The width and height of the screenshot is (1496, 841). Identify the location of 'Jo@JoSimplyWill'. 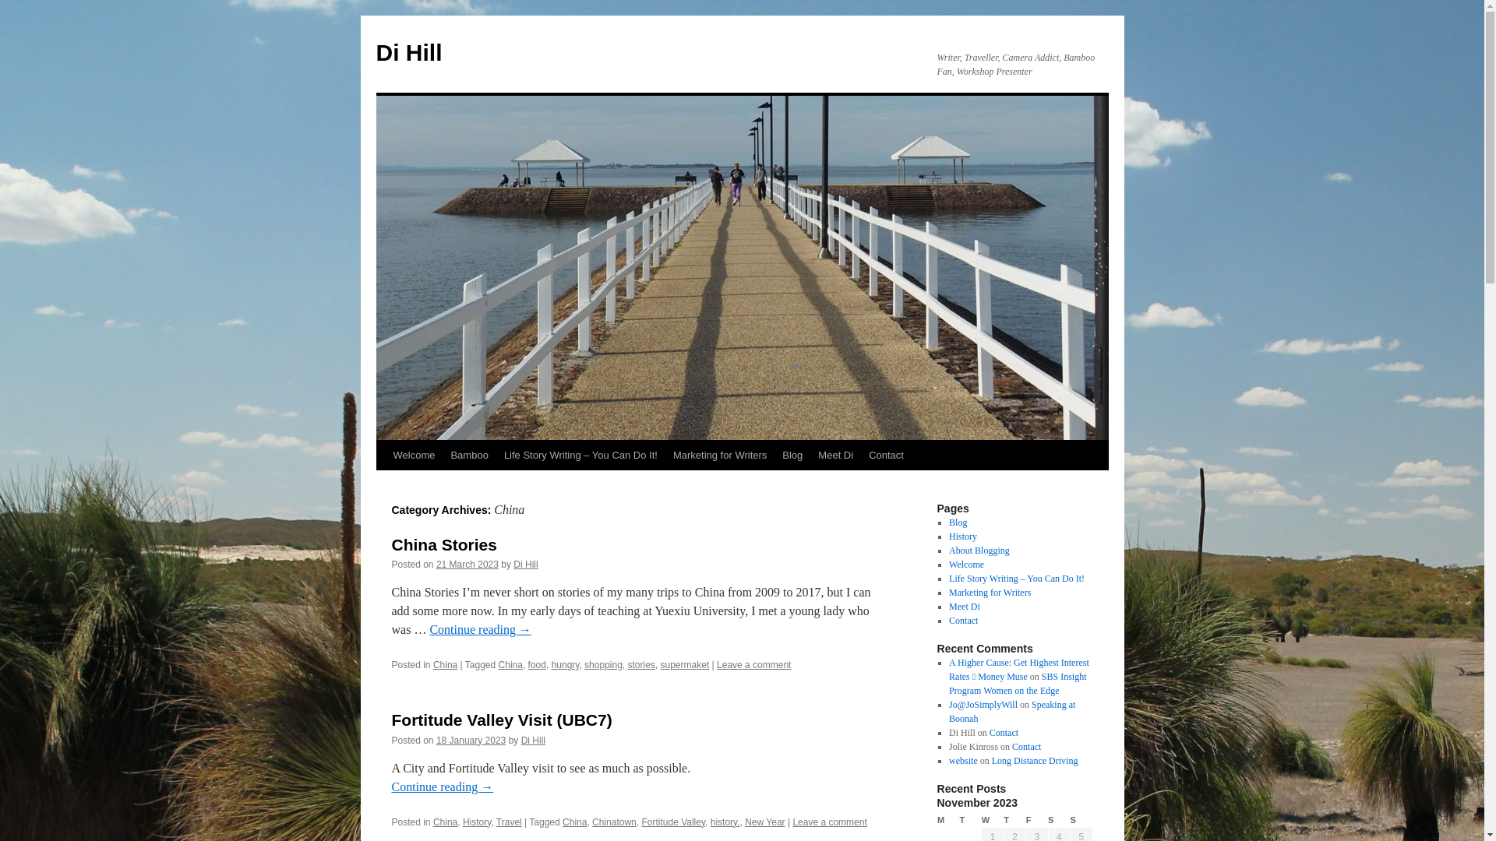
(983, 705).